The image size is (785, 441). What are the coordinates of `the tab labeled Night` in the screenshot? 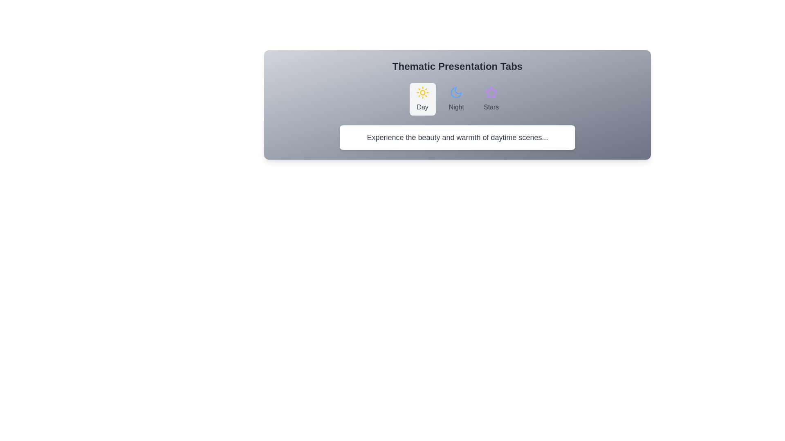 It's located at (456, 99).